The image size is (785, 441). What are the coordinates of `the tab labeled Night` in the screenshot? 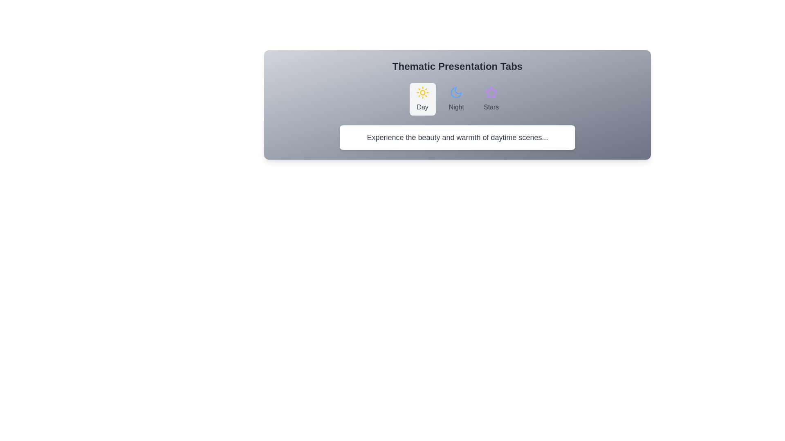 It's located at (456, 99).